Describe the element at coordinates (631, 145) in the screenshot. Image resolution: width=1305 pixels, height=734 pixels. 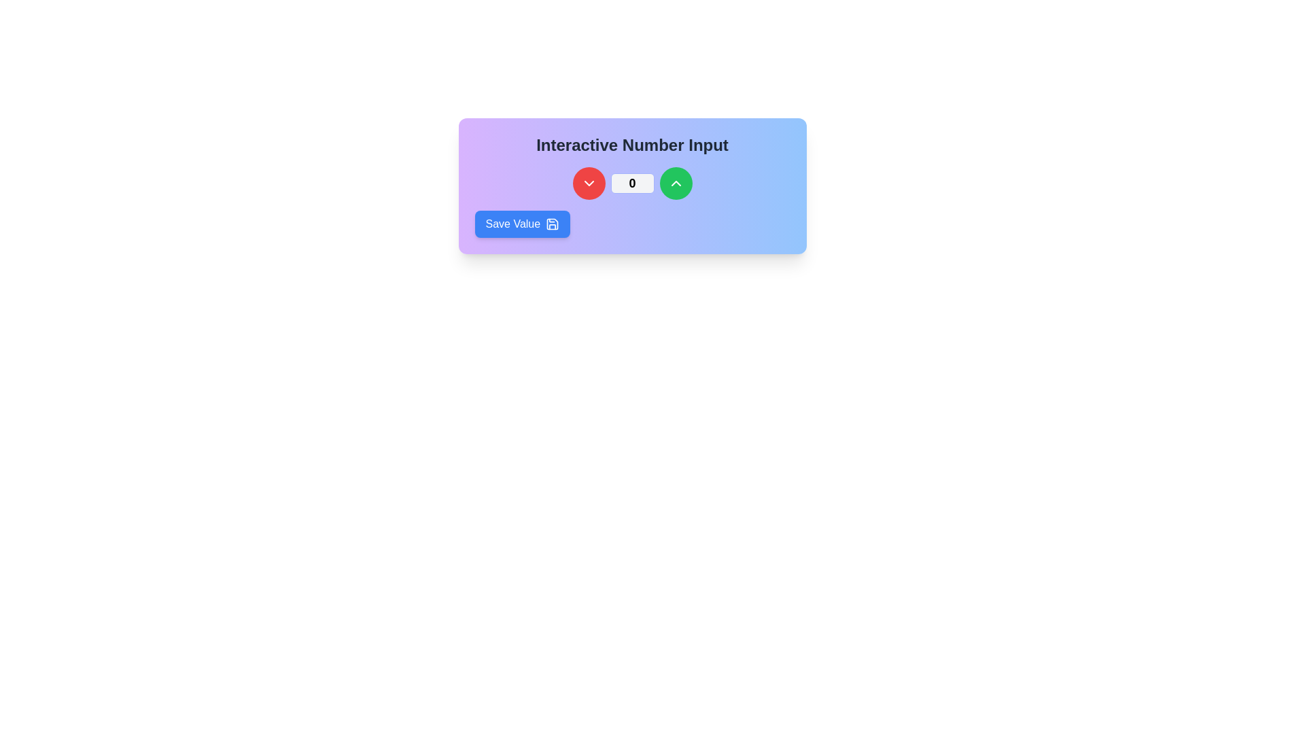
I see `text displayed in bold, large font that says 'Interactive Number Input', which is centered at the top of a colorful gradient background card` at that location.